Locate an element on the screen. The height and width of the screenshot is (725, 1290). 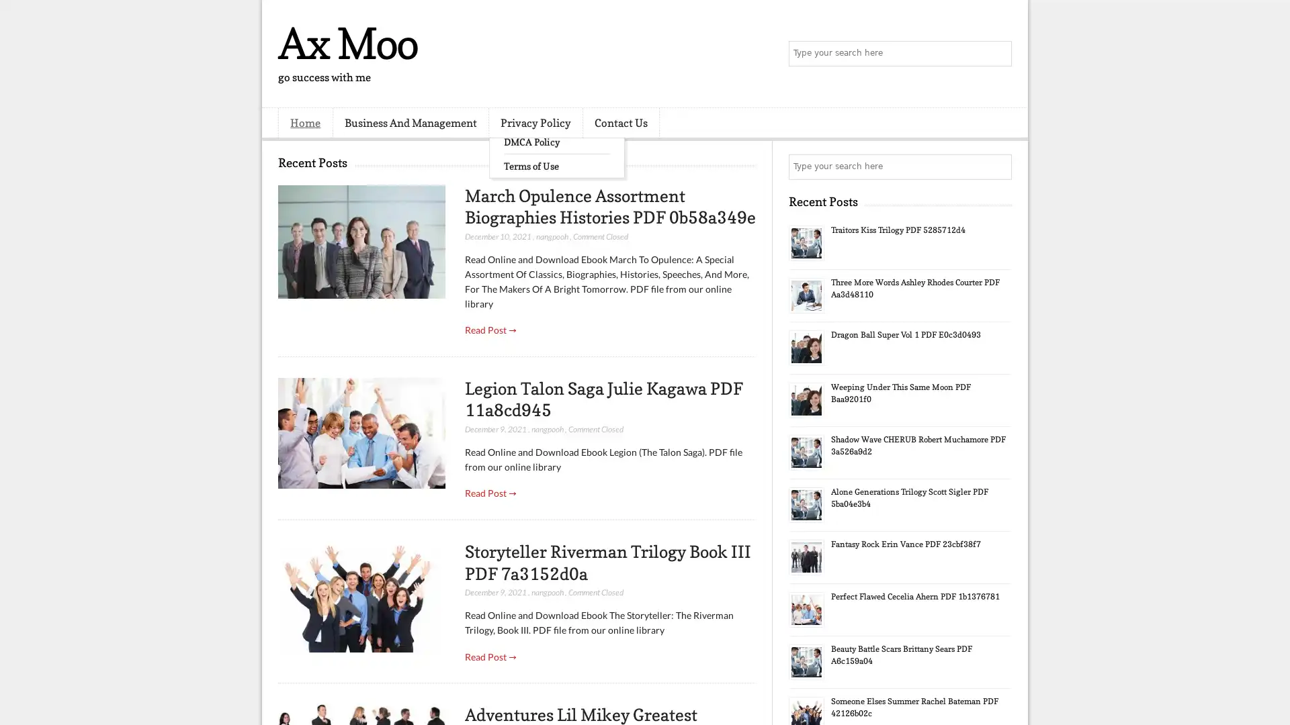
Search is located at coordinates (998, 166).